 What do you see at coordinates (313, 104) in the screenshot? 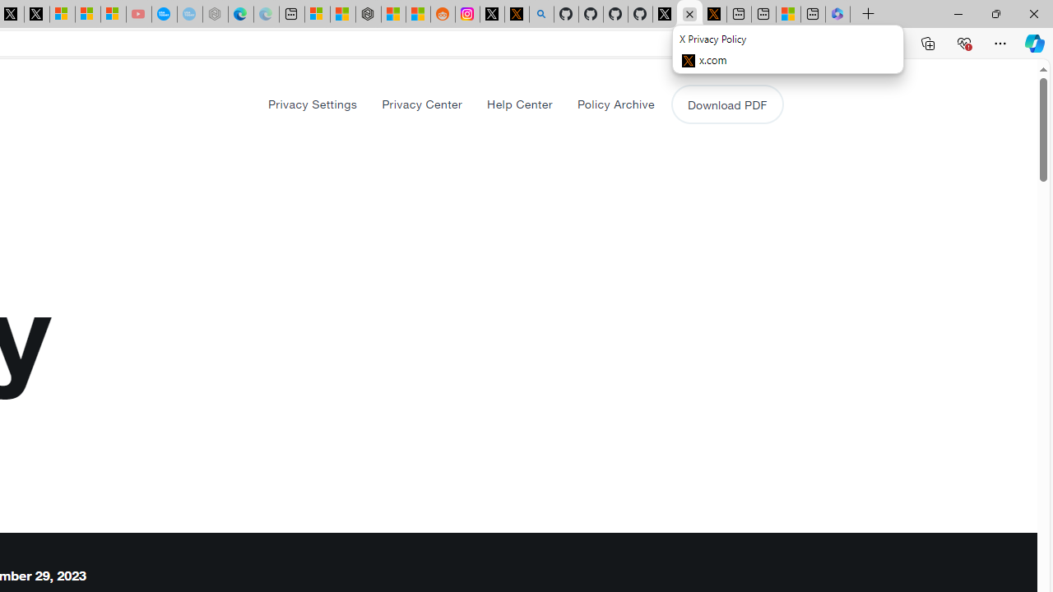
I see `'Privacy Settings'` at bounding box center [313, 104].